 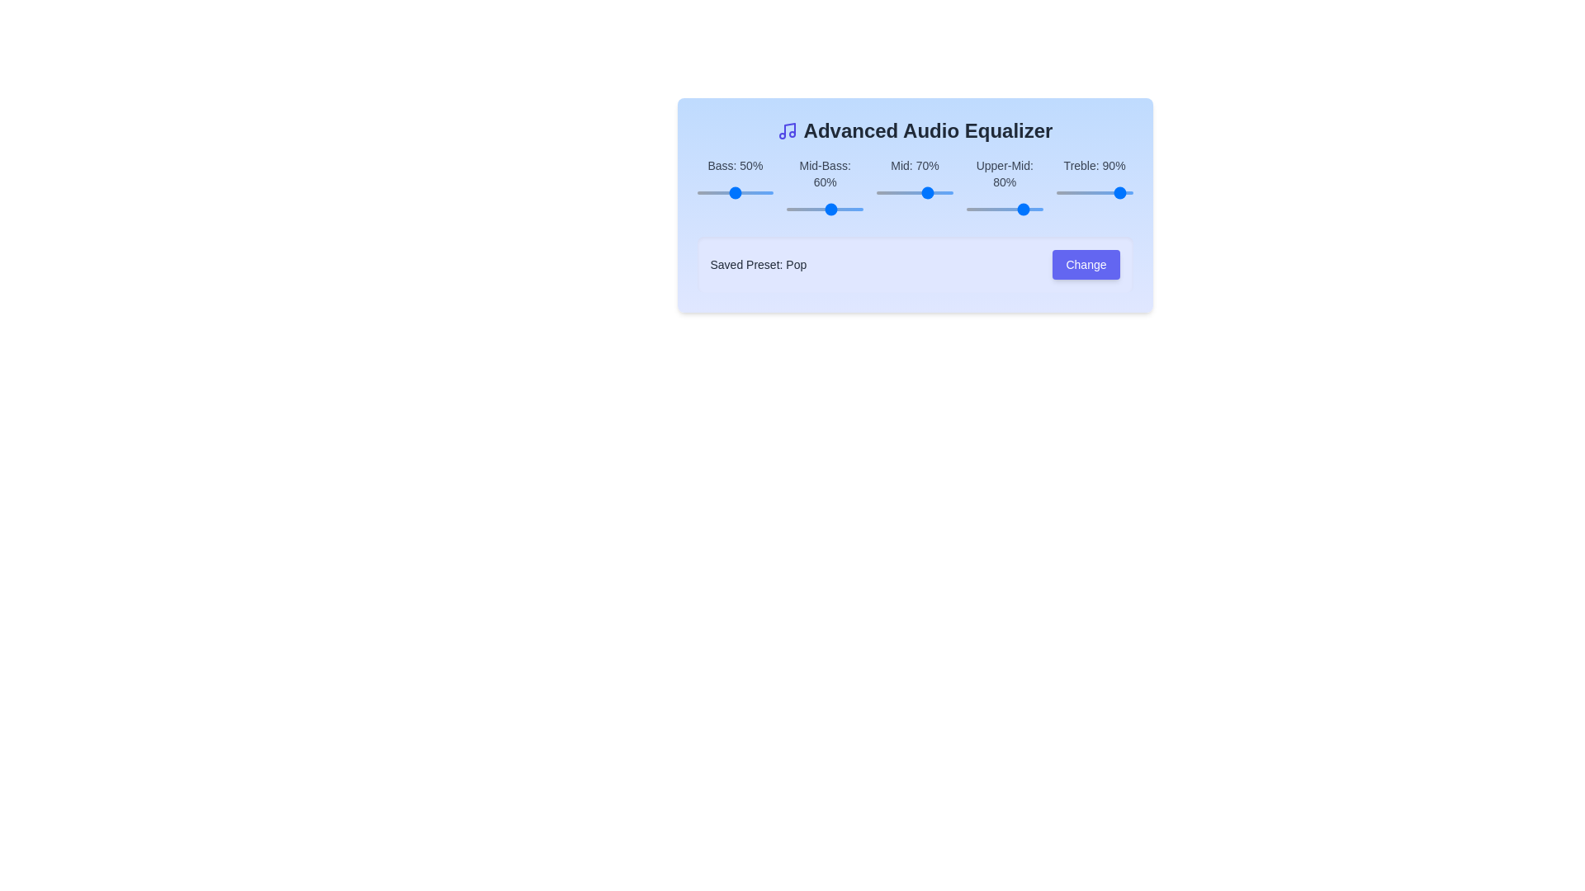 I want to click on the slider for the 3 band to 75%, so click(x=1067, y=209).